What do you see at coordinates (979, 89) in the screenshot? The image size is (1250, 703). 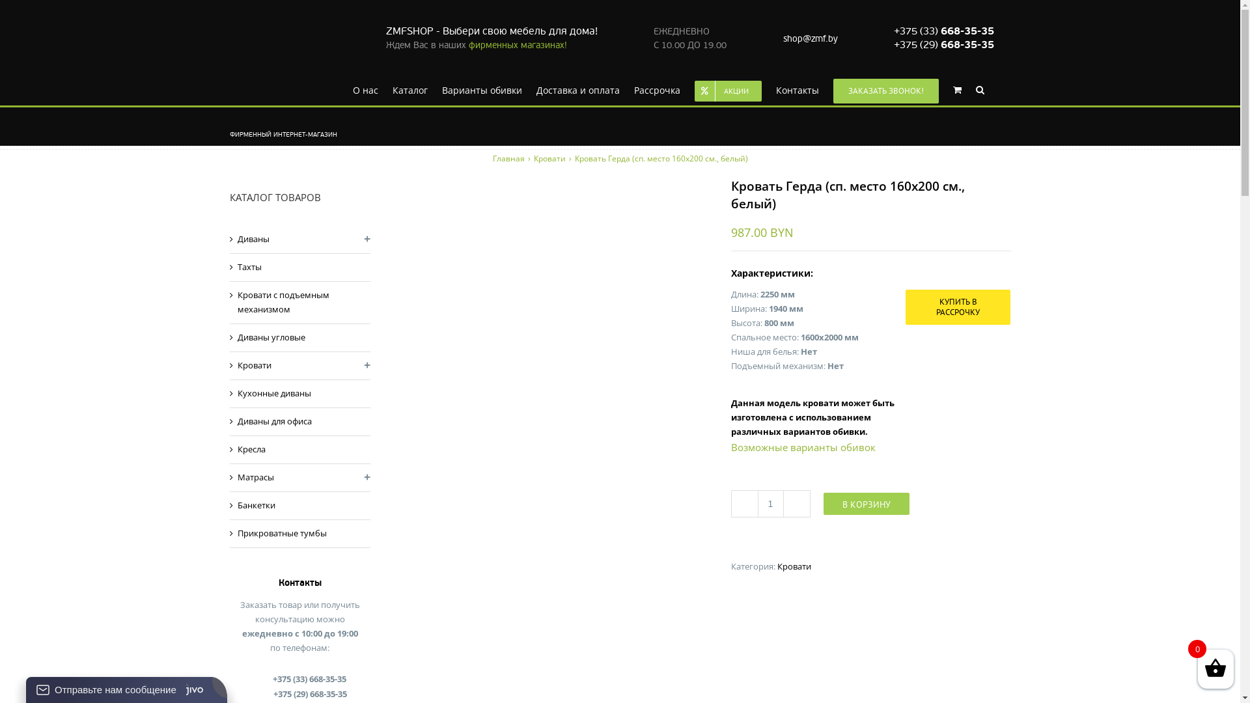 I see `'Search'` at bounding box center [979, 89].